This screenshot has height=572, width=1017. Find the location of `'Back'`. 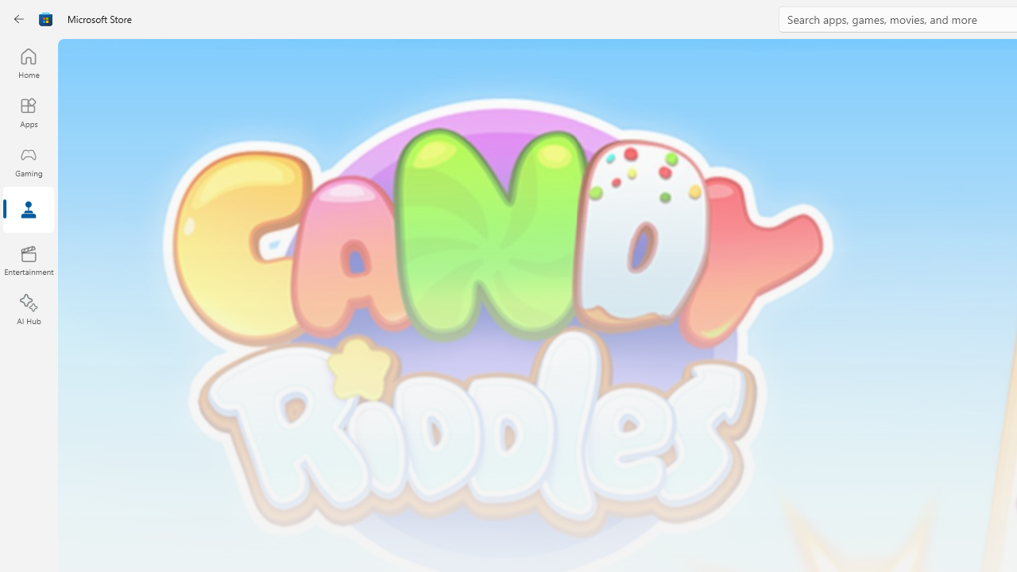

'Back' is located at coordinates (19, 19).